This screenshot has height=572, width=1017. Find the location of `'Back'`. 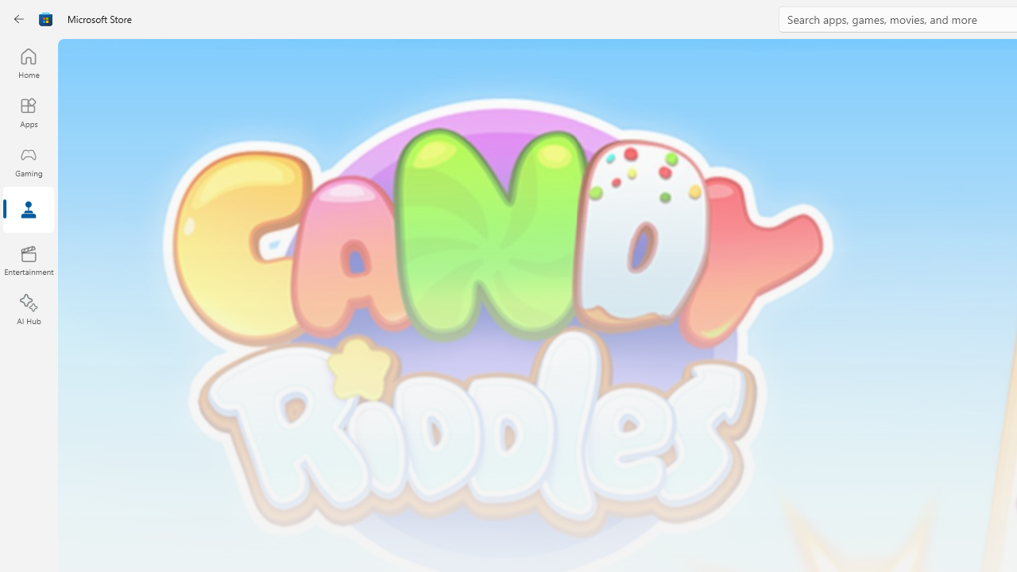

'Back' is located at coordinates (19, 19).